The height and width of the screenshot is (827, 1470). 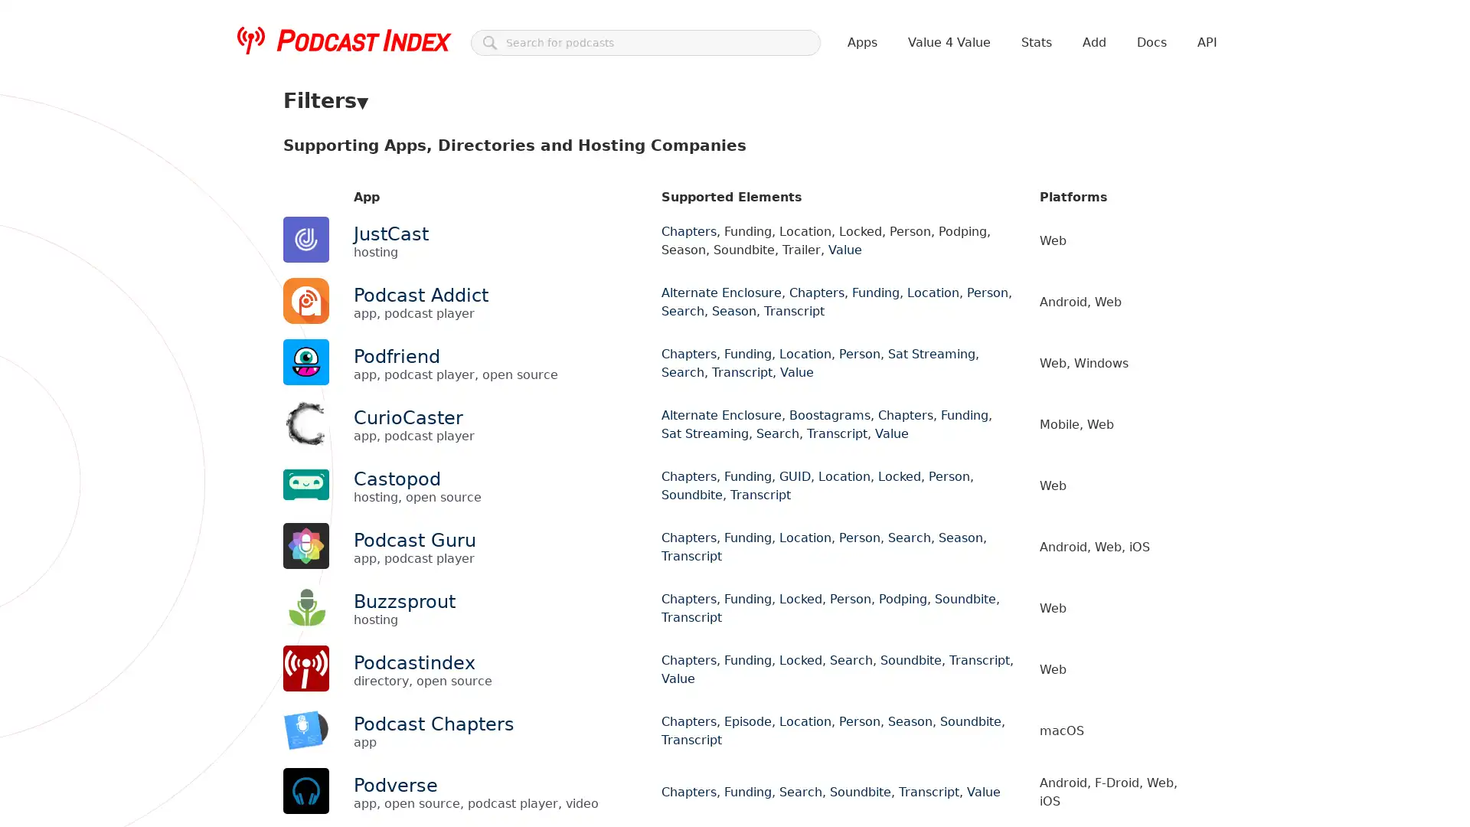 What do you see at coordinates (880, 148) in the screenshot?
I see `Podcast Player` at bounding box center [880, 148].